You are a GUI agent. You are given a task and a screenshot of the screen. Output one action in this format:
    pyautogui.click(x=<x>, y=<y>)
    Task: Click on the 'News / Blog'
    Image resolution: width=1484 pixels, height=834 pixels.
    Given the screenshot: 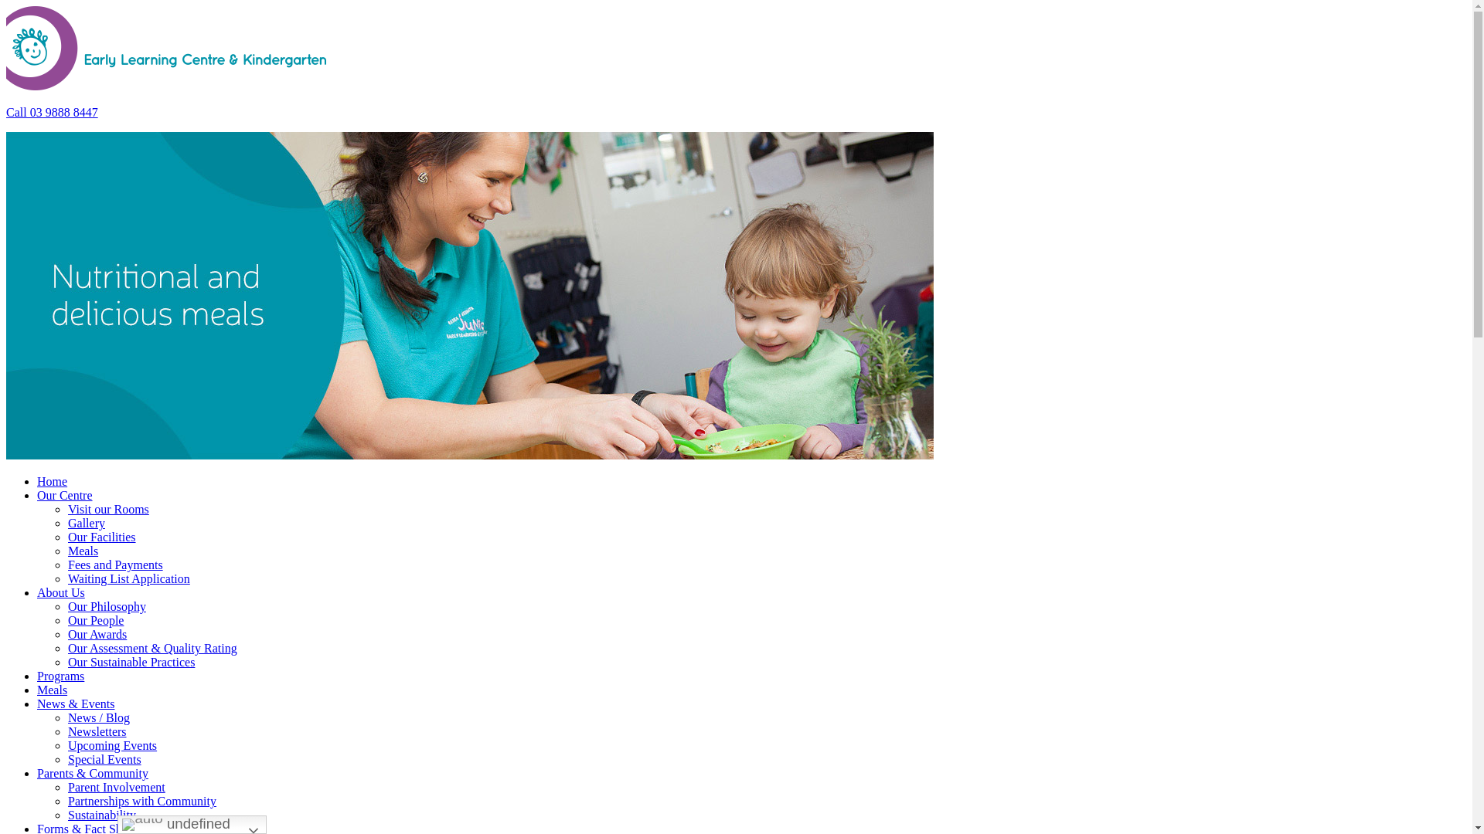 What is the action you would take?
    pyautogui.click(x=98, y=717)
    